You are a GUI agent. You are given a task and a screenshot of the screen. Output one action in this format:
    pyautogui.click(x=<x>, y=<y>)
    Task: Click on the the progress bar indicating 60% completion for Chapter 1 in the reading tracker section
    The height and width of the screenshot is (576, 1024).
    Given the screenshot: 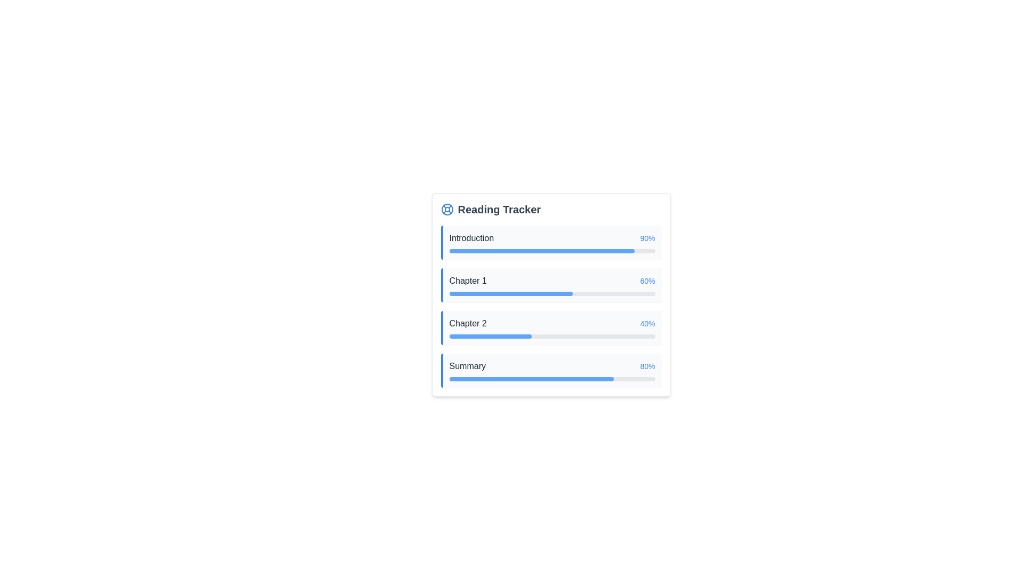 What is the action you would take?
    pyautogui.click(x=552, y=294)
    